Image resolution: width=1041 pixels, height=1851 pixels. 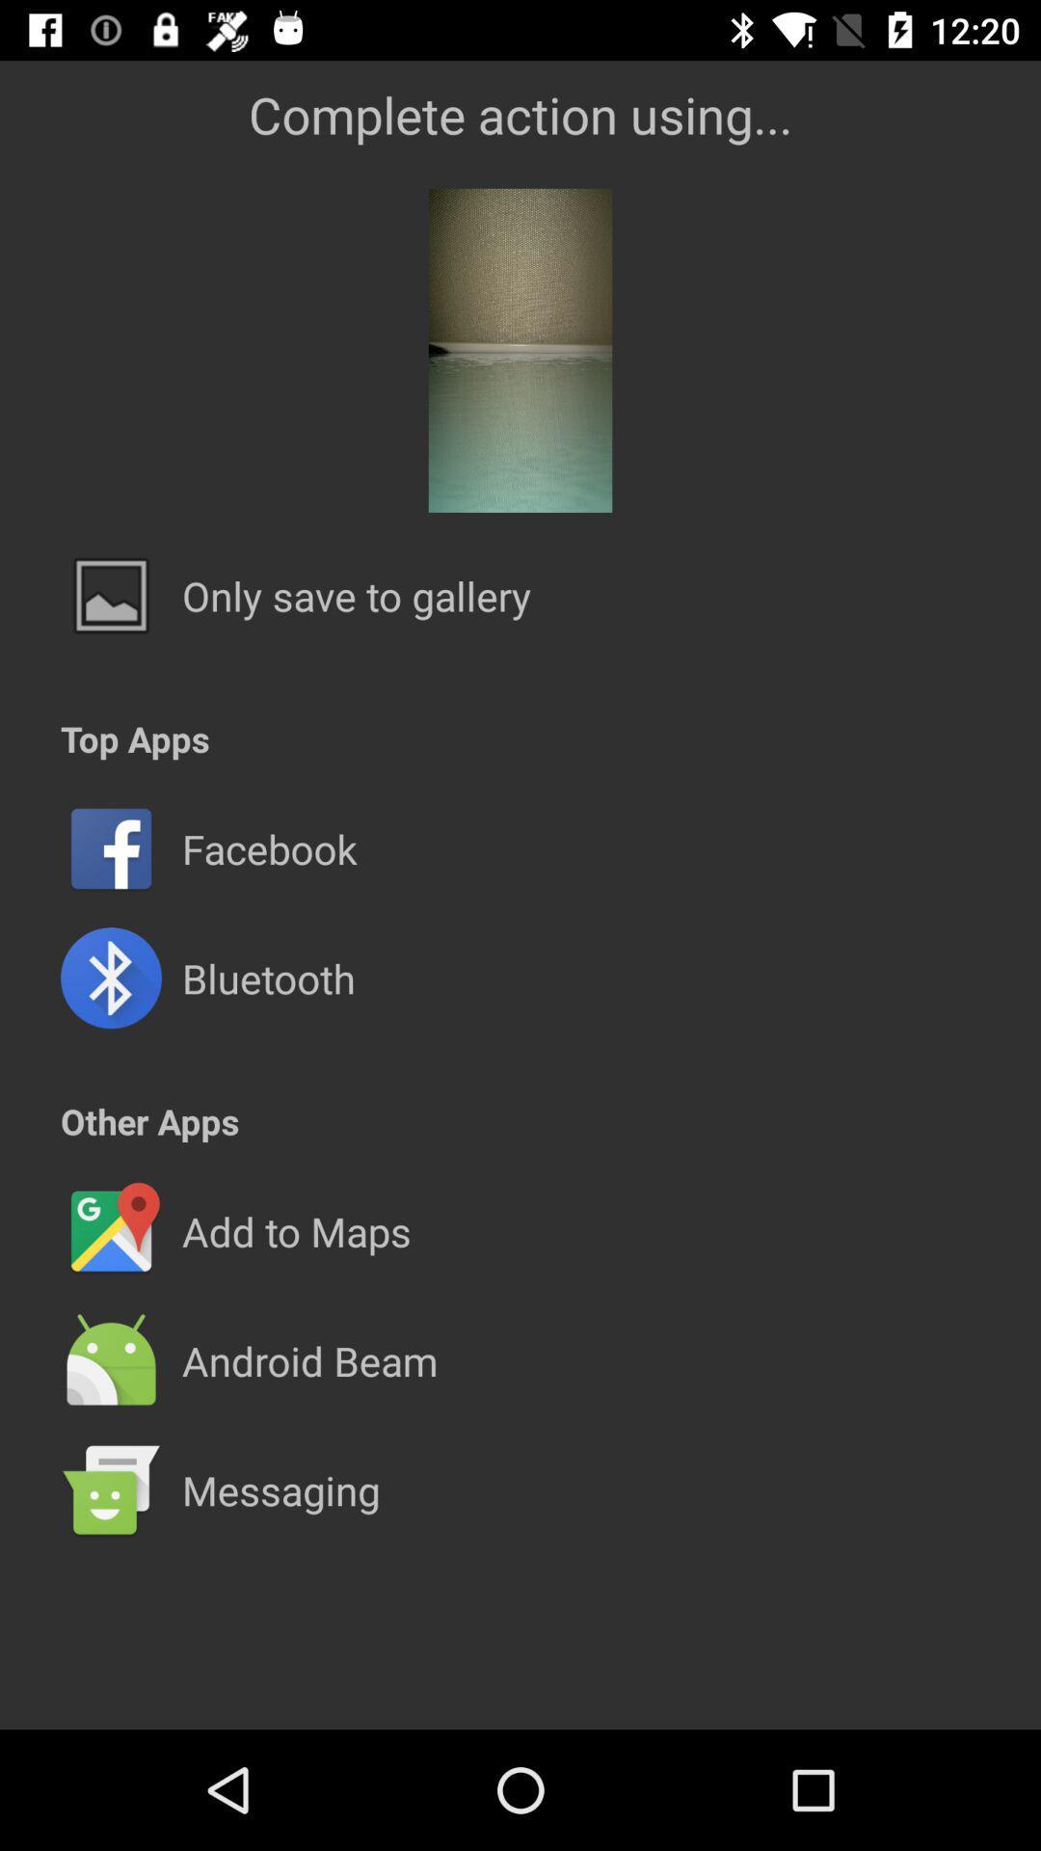 What do you see at coordinates (520, 1166) in the screenshot?
I see `item below other apps item` at bounding box center [520, 1166].